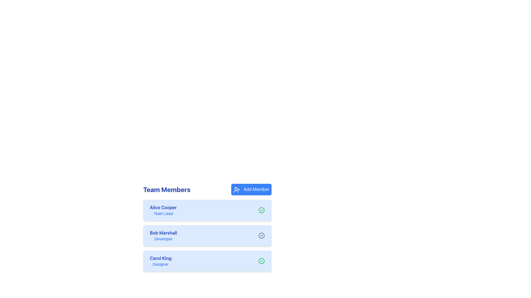 This screenshot has width=531, height=298. I want to click on the circular icon with a green outline resembling a badge or checkmark symbol, located to the right of the text 'Alice Cooper' in the list of team members, so click(261, 261).